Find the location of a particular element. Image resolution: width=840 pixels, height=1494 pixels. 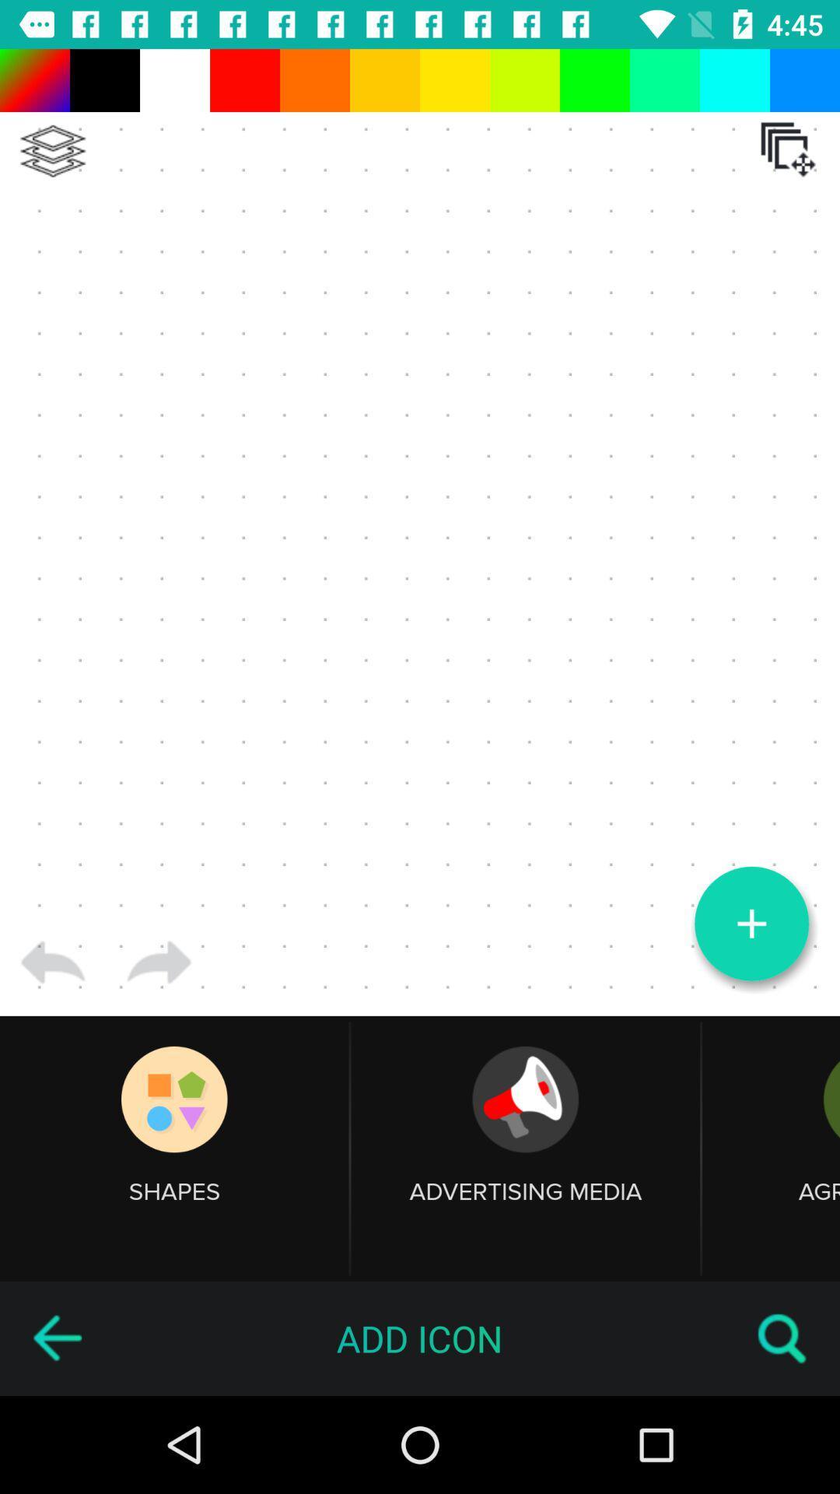

the layers icon is located at coordinates (52, 151).